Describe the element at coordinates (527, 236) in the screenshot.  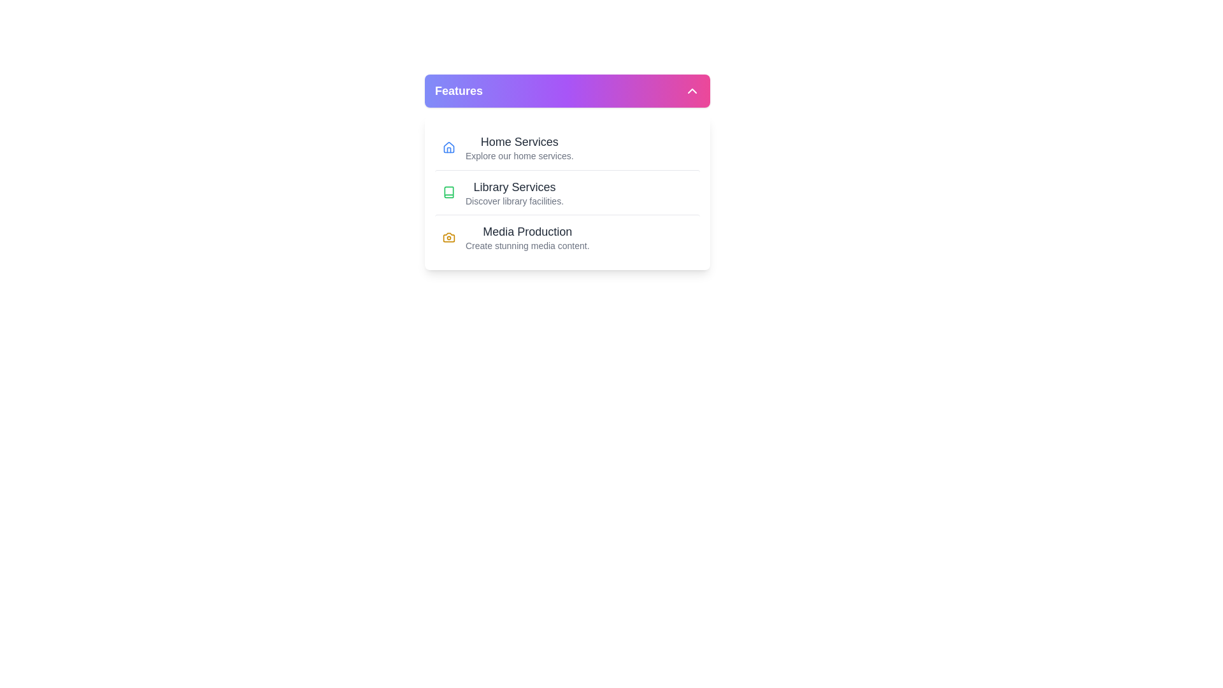
I see `the 'Media Production' text description in the menu list item to interact with it` at that location.